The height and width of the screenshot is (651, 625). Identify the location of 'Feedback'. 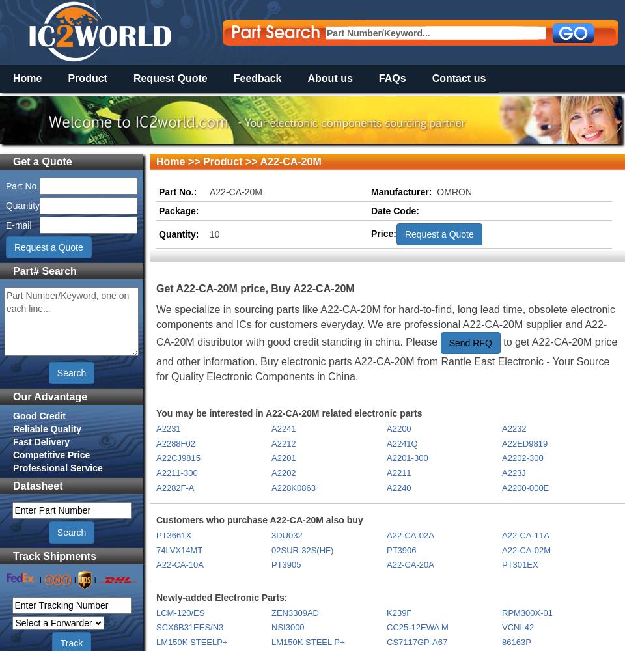
(257, 77).